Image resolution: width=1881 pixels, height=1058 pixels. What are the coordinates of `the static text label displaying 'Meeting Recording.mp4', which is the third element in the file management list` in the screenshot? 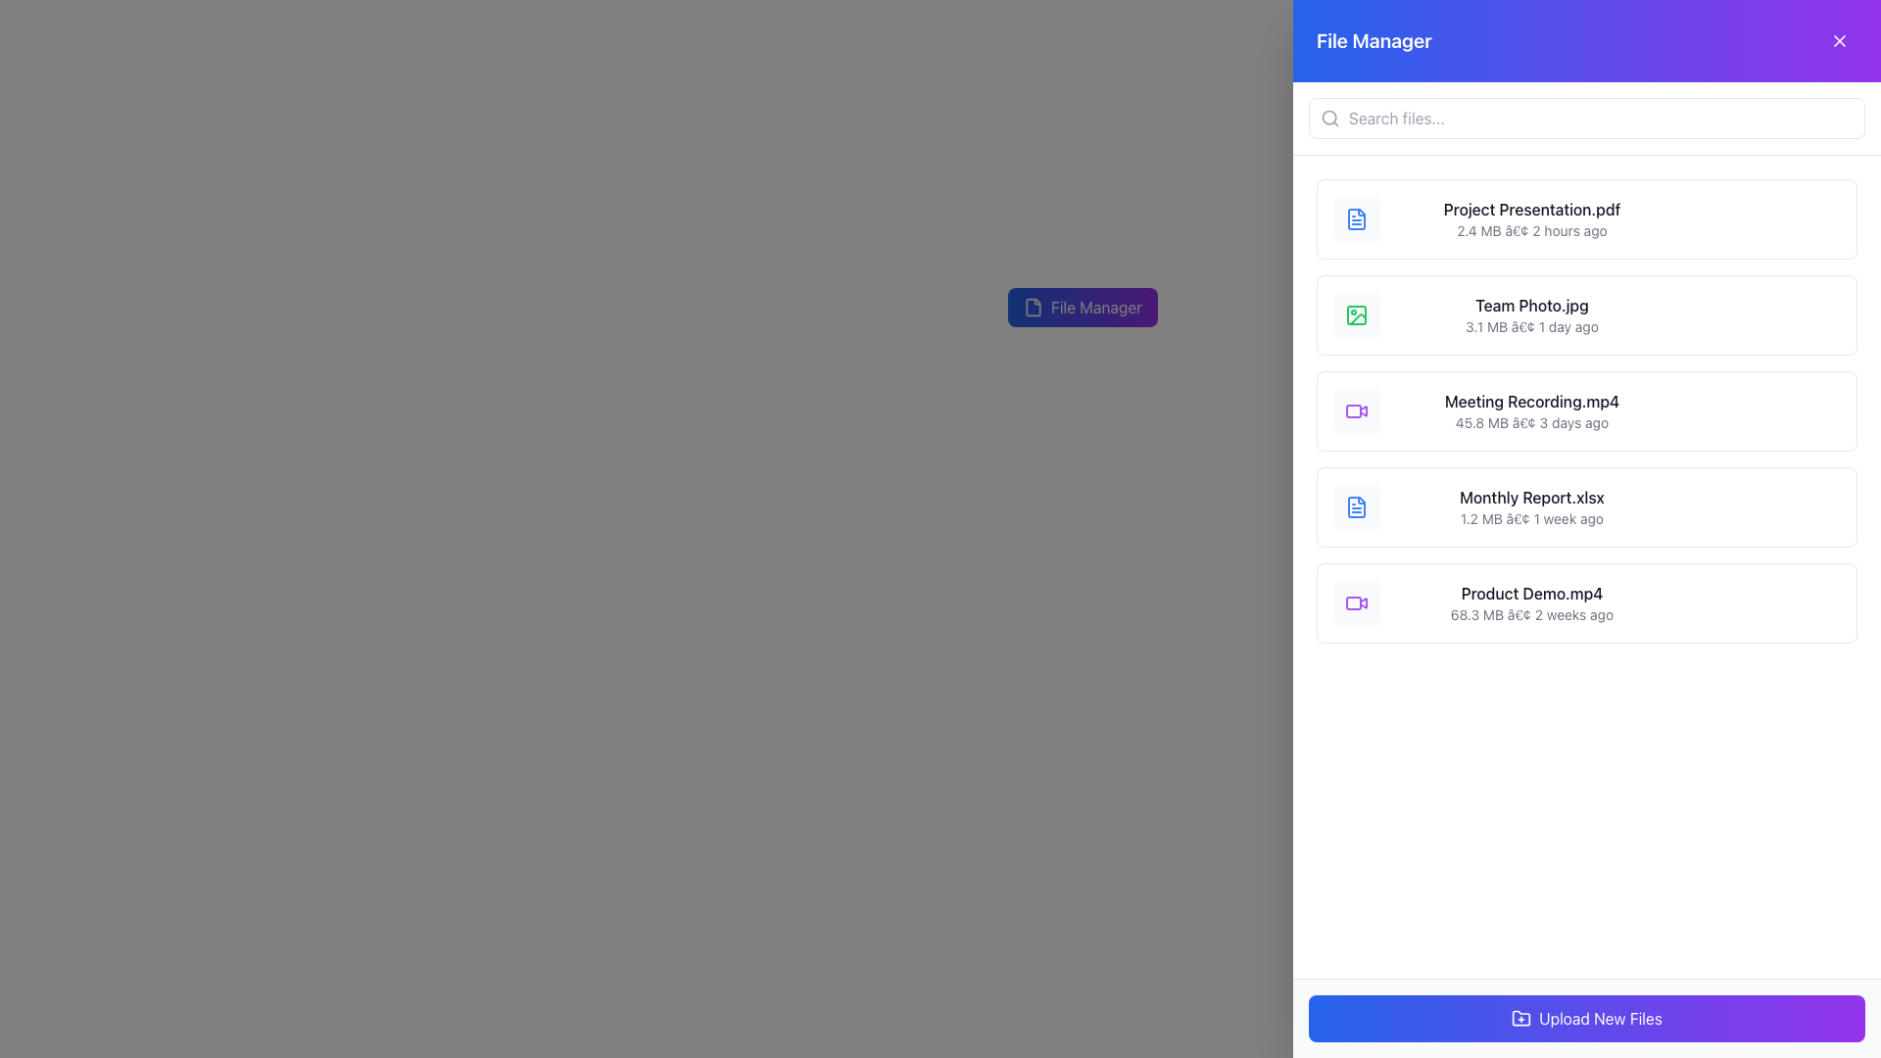 It's located at (1531, 400).